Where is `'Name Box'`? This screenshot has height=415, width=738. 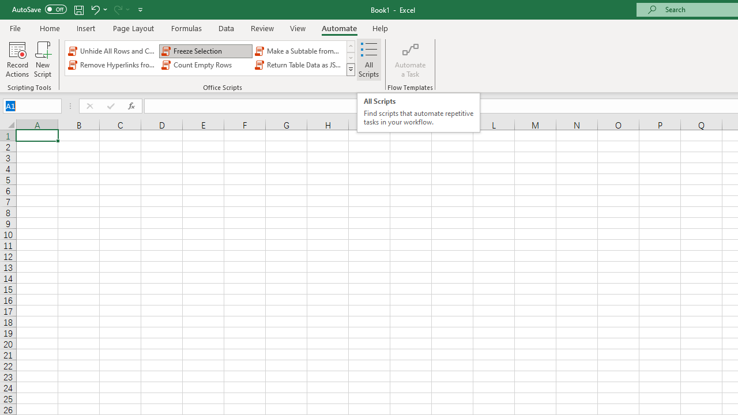 'Name Box' is located at coordinates (32, 105).